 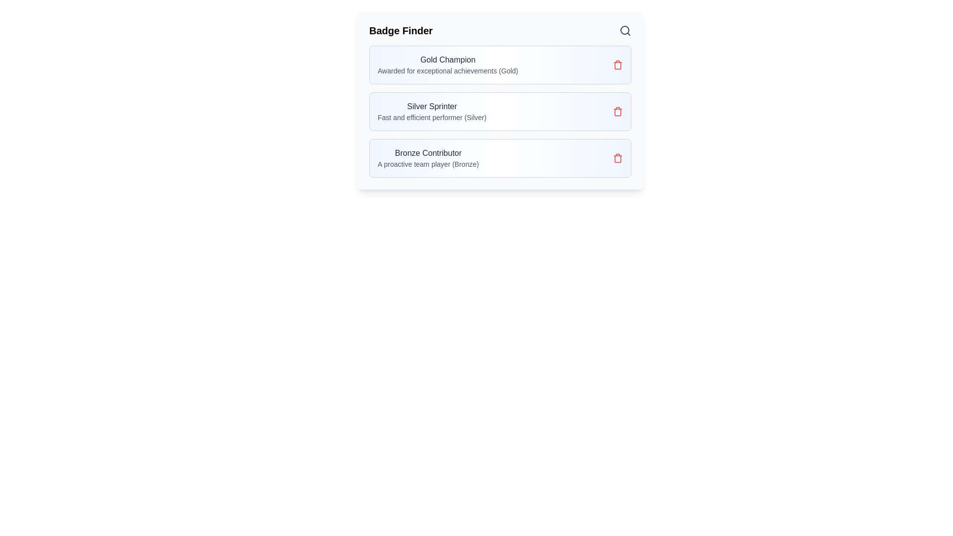 What do you see at coordinates (624, 30) in the screenshot?
I see `the search or filter toggle icon button located at the top-right corner within the 'Badge Finder' section to initiate a search` at bounding box center [624, 30].